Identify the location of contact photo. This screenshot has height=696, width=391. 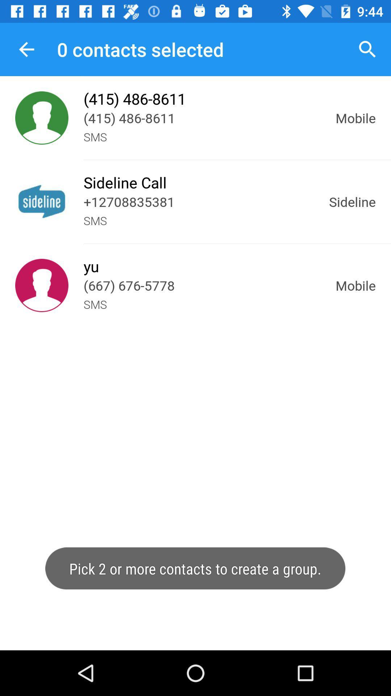
(42, 118).